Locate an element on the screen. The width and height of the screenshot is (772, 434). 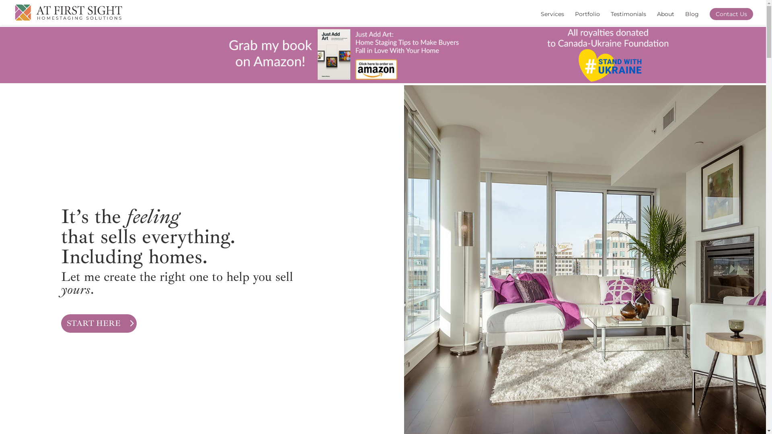
'Portfolio' is located at coordinates (575, 18).